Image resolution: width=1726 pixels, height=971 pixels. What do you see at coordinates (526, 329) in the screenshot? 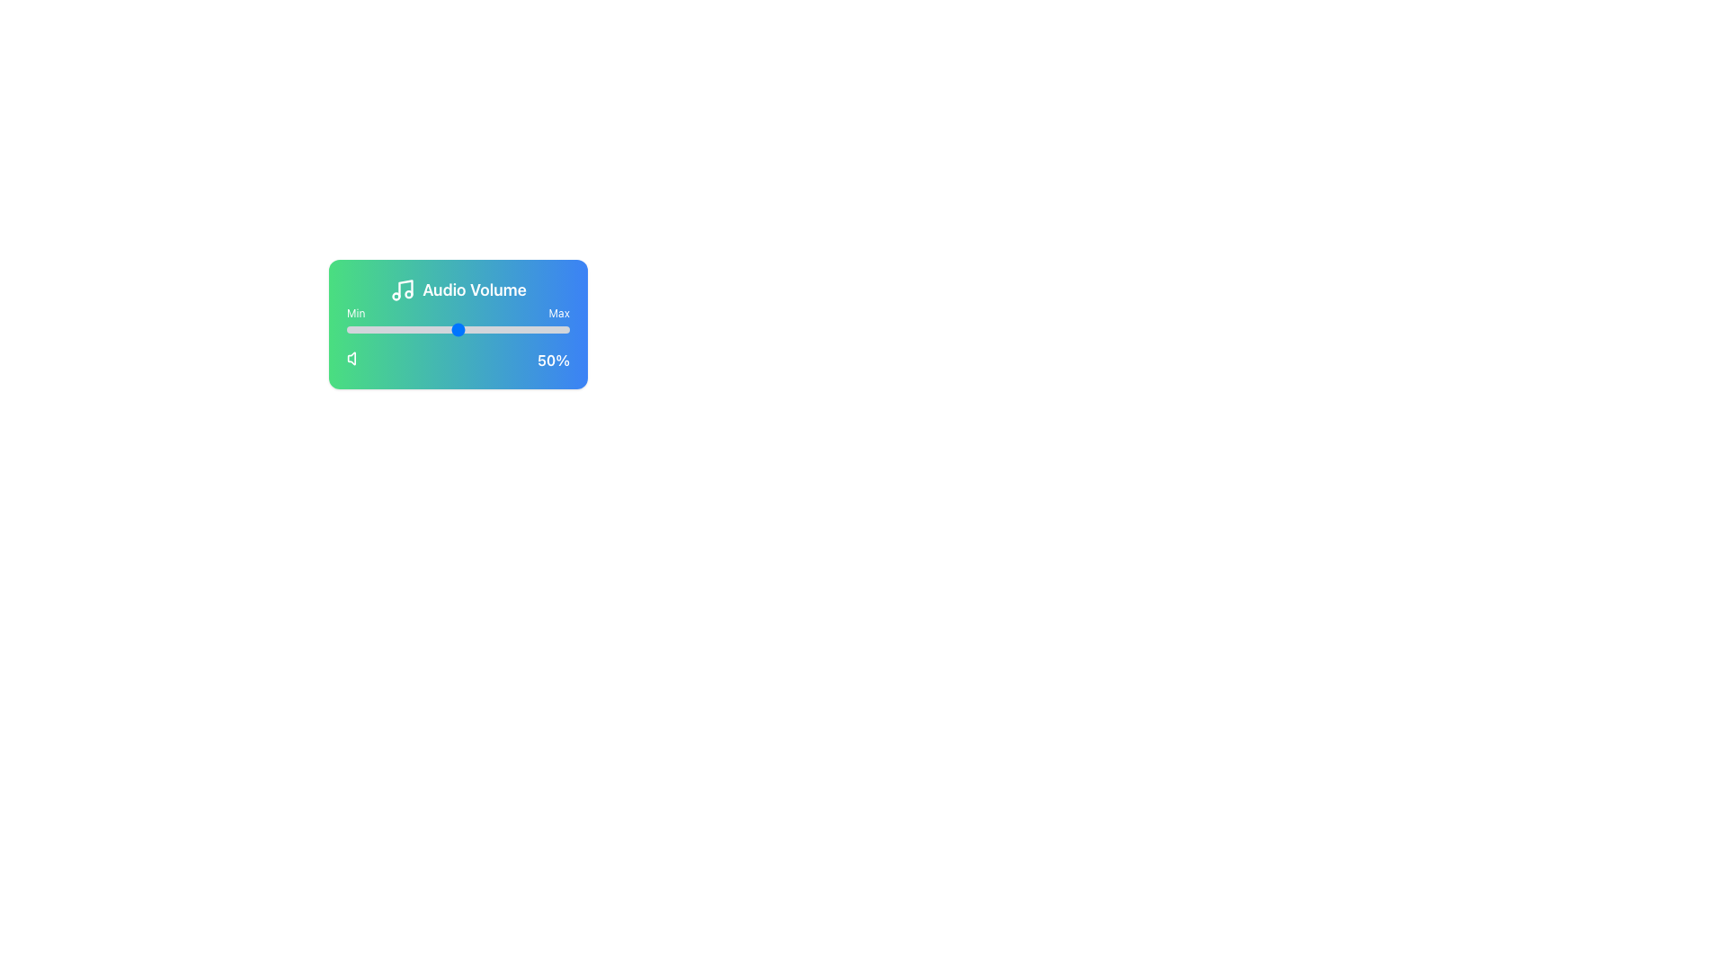
I see `the audio volume slider` at bounding box center [526, 329].